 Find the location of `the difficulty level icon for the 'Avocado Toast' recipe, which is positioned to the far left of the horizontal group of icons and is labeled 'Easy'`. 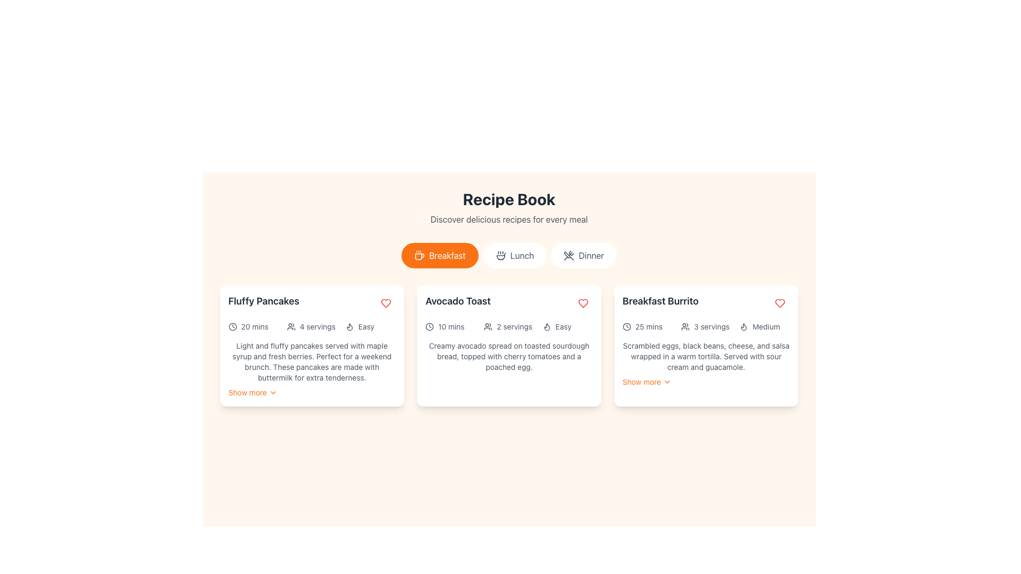

the difficulty level icon for the 'Avocado Toast' recipe, which is positioned to the far left of the horizontal group of icons and is labeled 'Easy' is located at coordinates (547, 326).